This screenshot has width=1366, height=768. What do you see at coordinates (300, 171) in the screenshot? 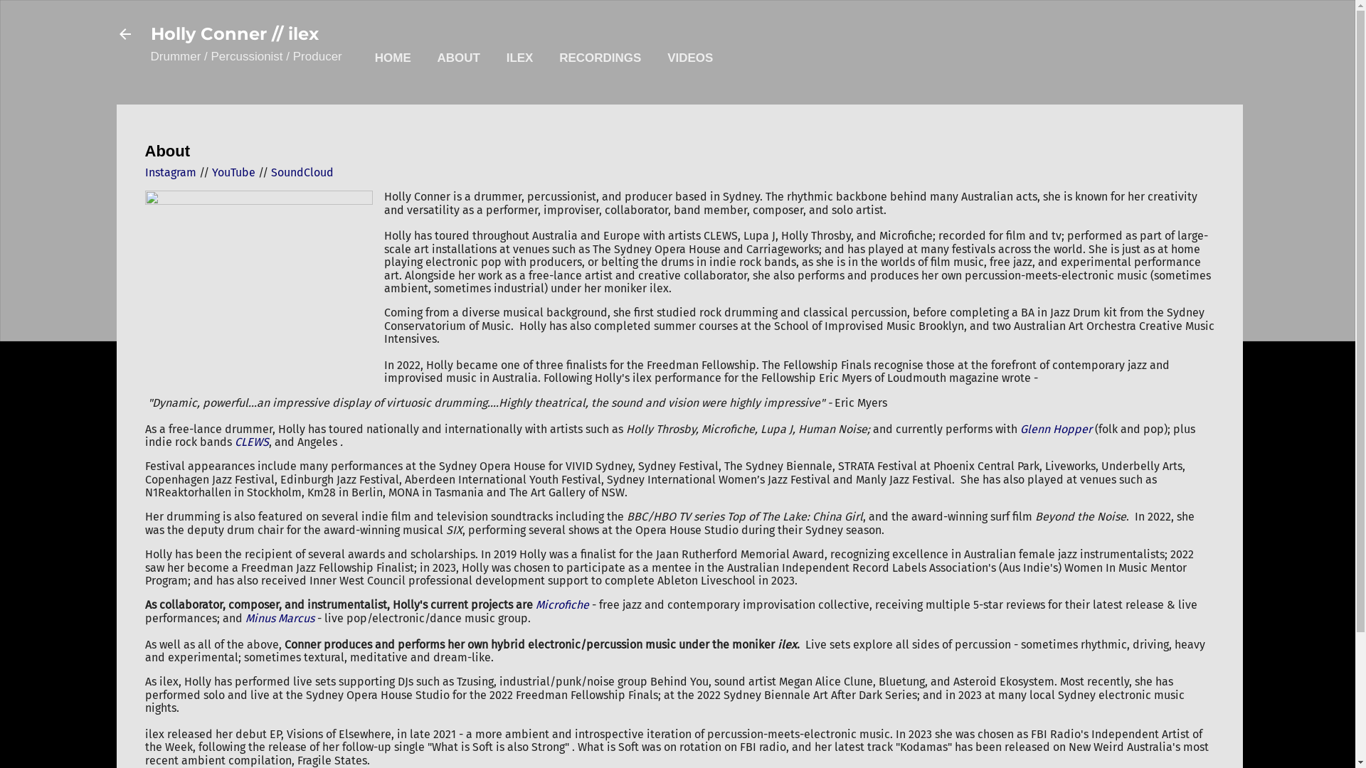
I see `'SoundCloud'` at bounding box center [300, 171].